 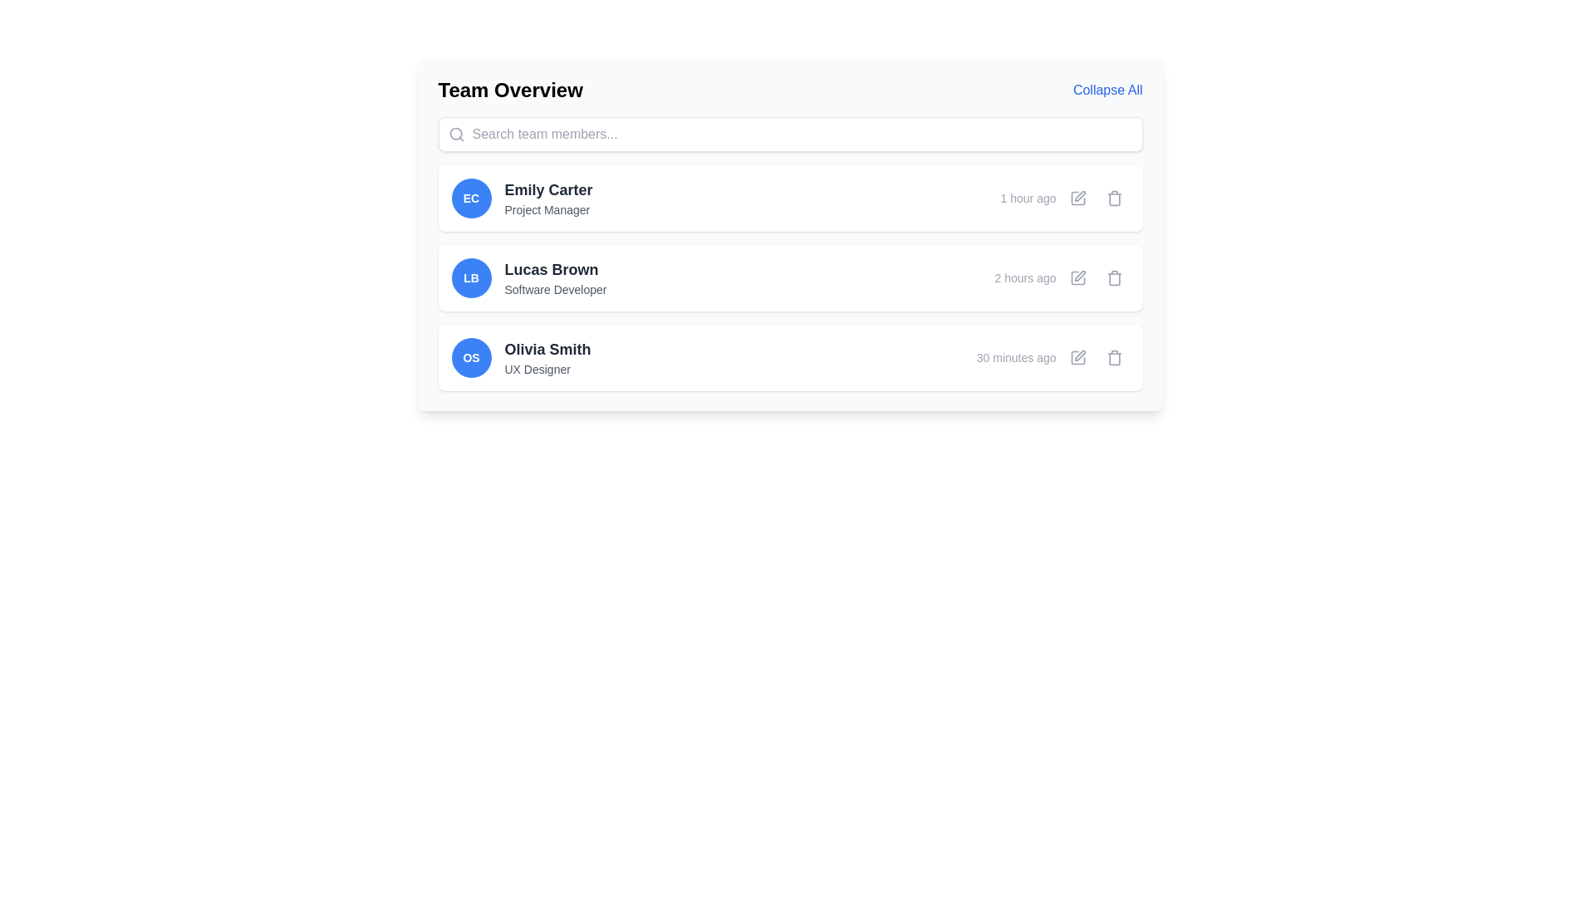 What do you see at coordinates (555, 288) in the screenshot?
I see `the text label indicating the professional position of team member Lucas Brown, located directly below his name in the information card` at bounding box center [555, 288].